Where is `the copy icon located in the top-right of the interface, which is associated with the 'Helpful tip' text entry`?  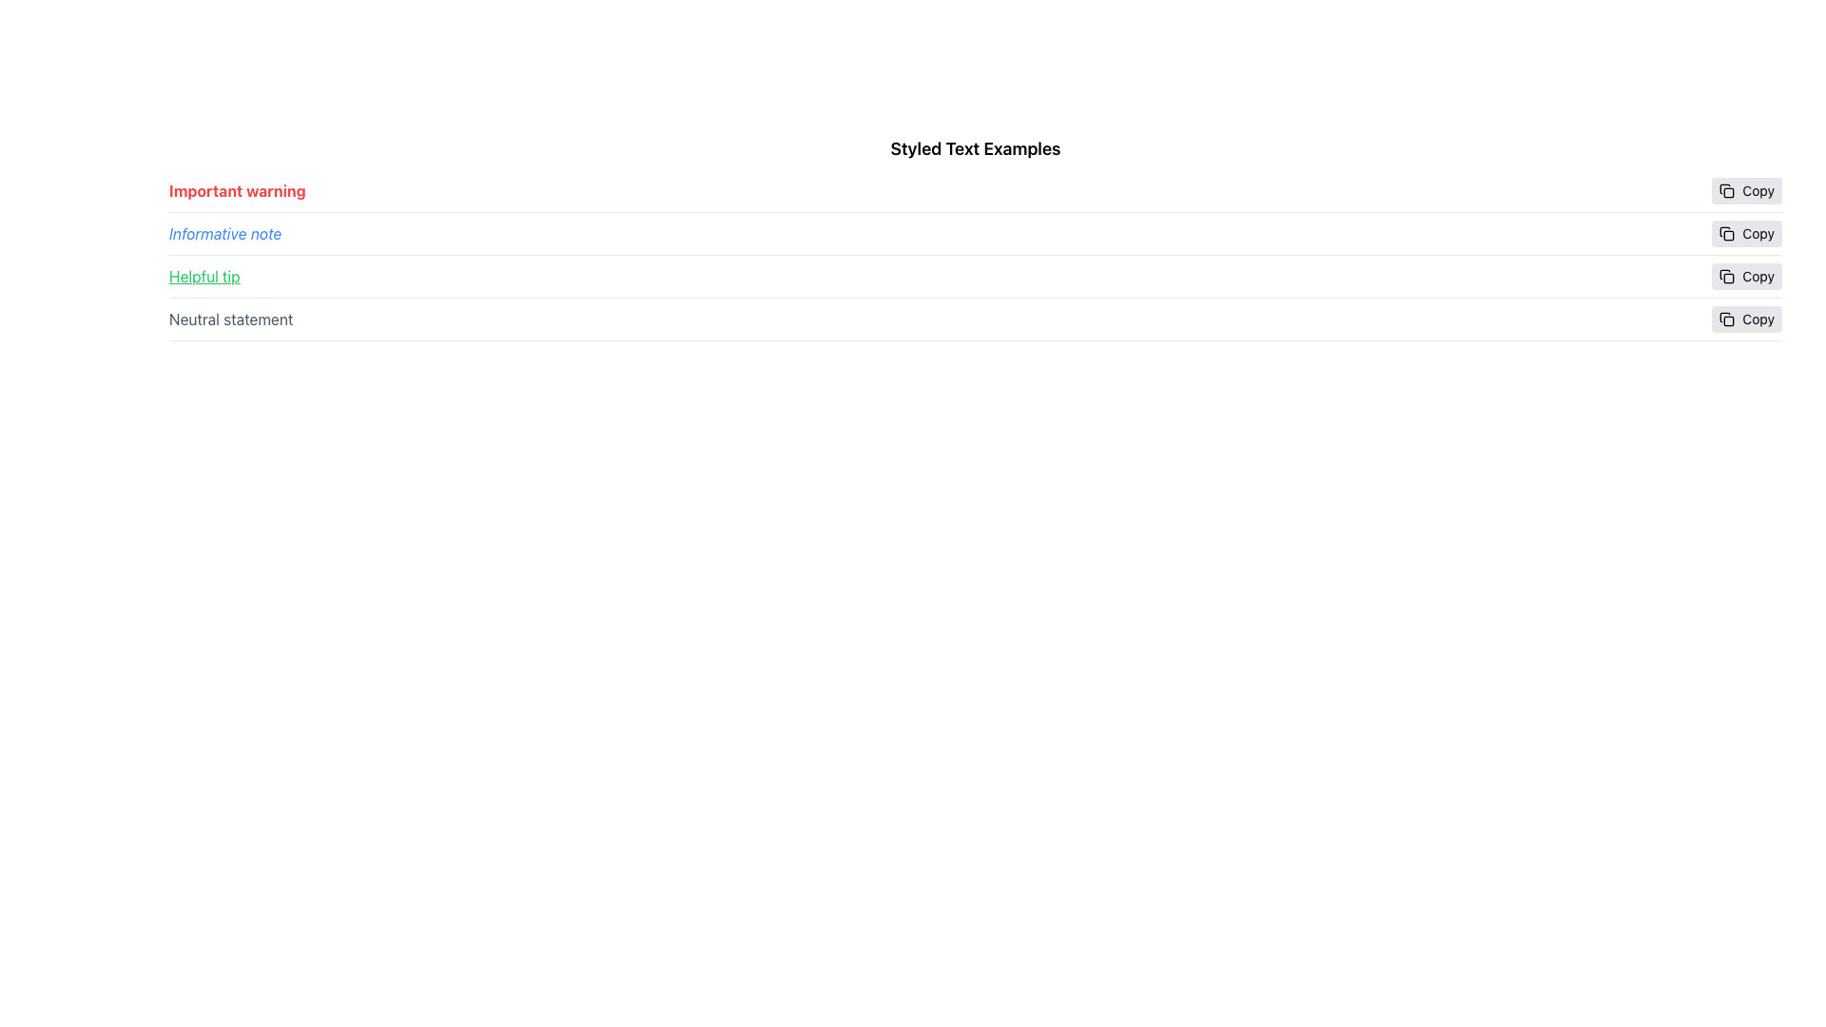
the copy icon located in the top-right of the interface, which is associated with the 'Helpful tip' text entry is located at coordinates (1729, 234).